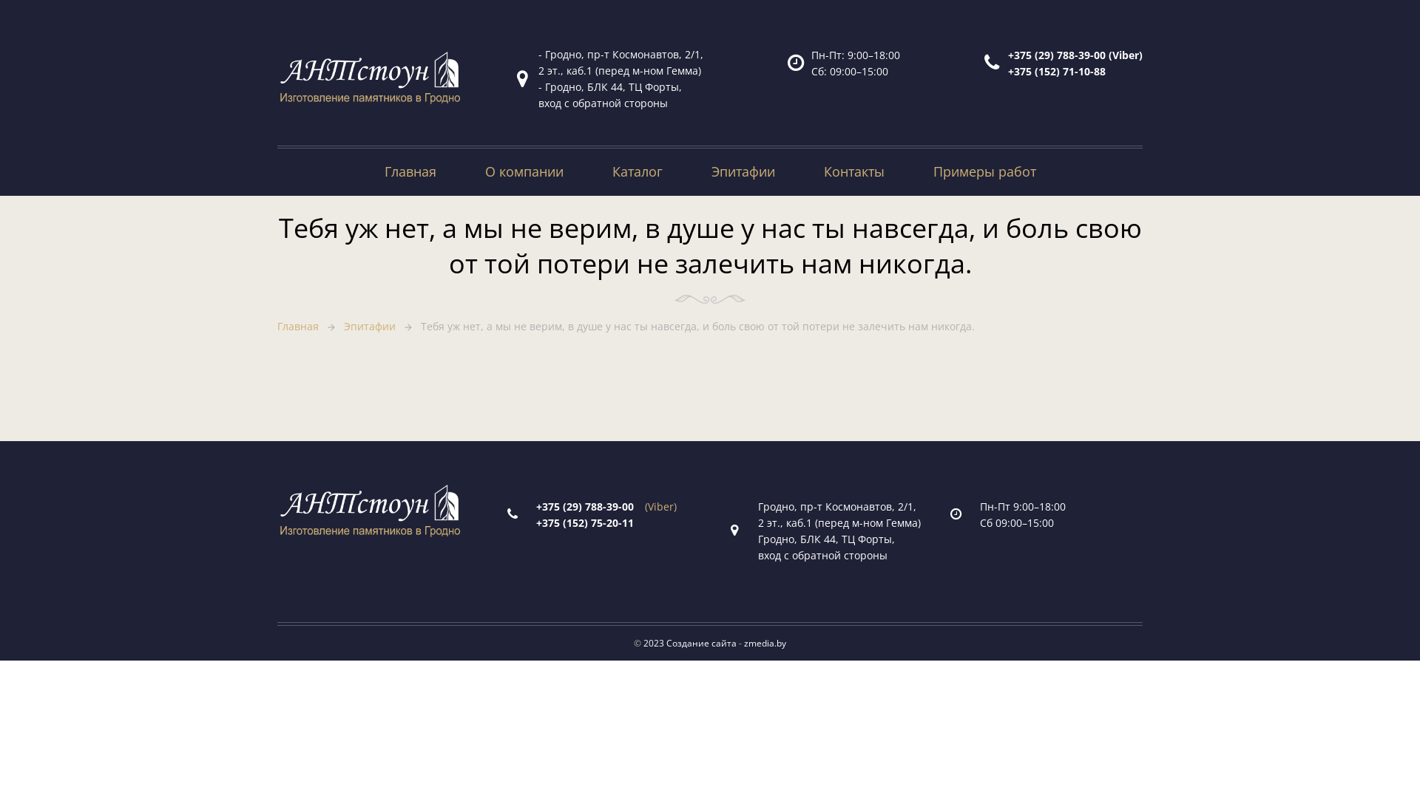 The height and width of the screenshot is (798, 1420). I want to click on 'zmedia.by', so click(765, 642).